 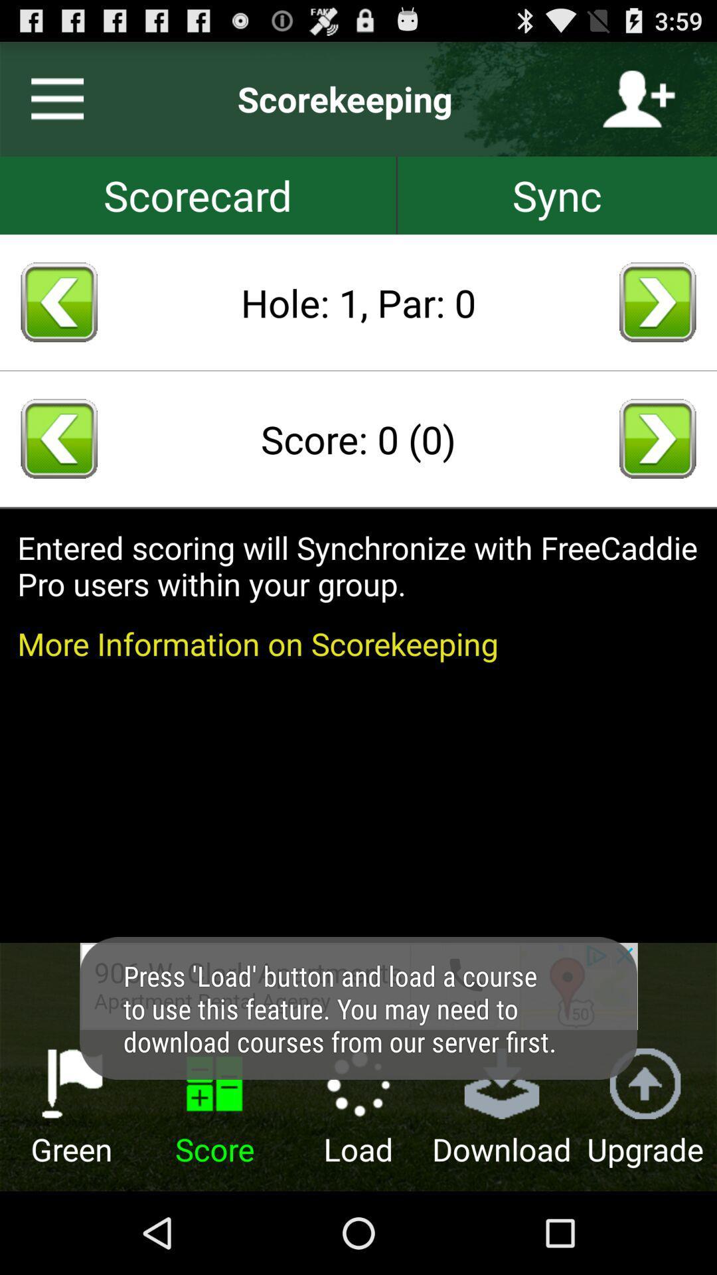 I want to click on the arrow_forward icon, so click(x=657, y=323).